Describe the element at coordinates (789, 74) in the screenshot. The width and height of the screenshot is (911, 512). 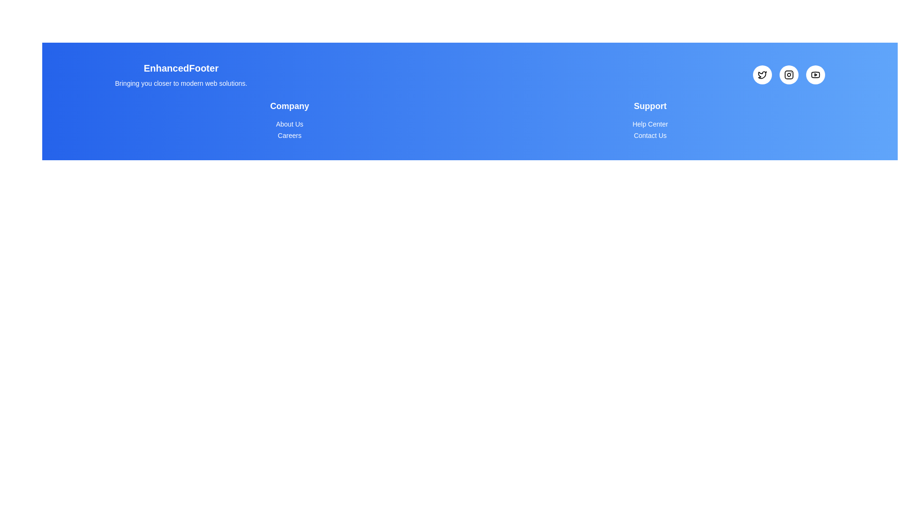
I see `the middle icon link in the footer that navigates to the Instagram social media page` at that location.